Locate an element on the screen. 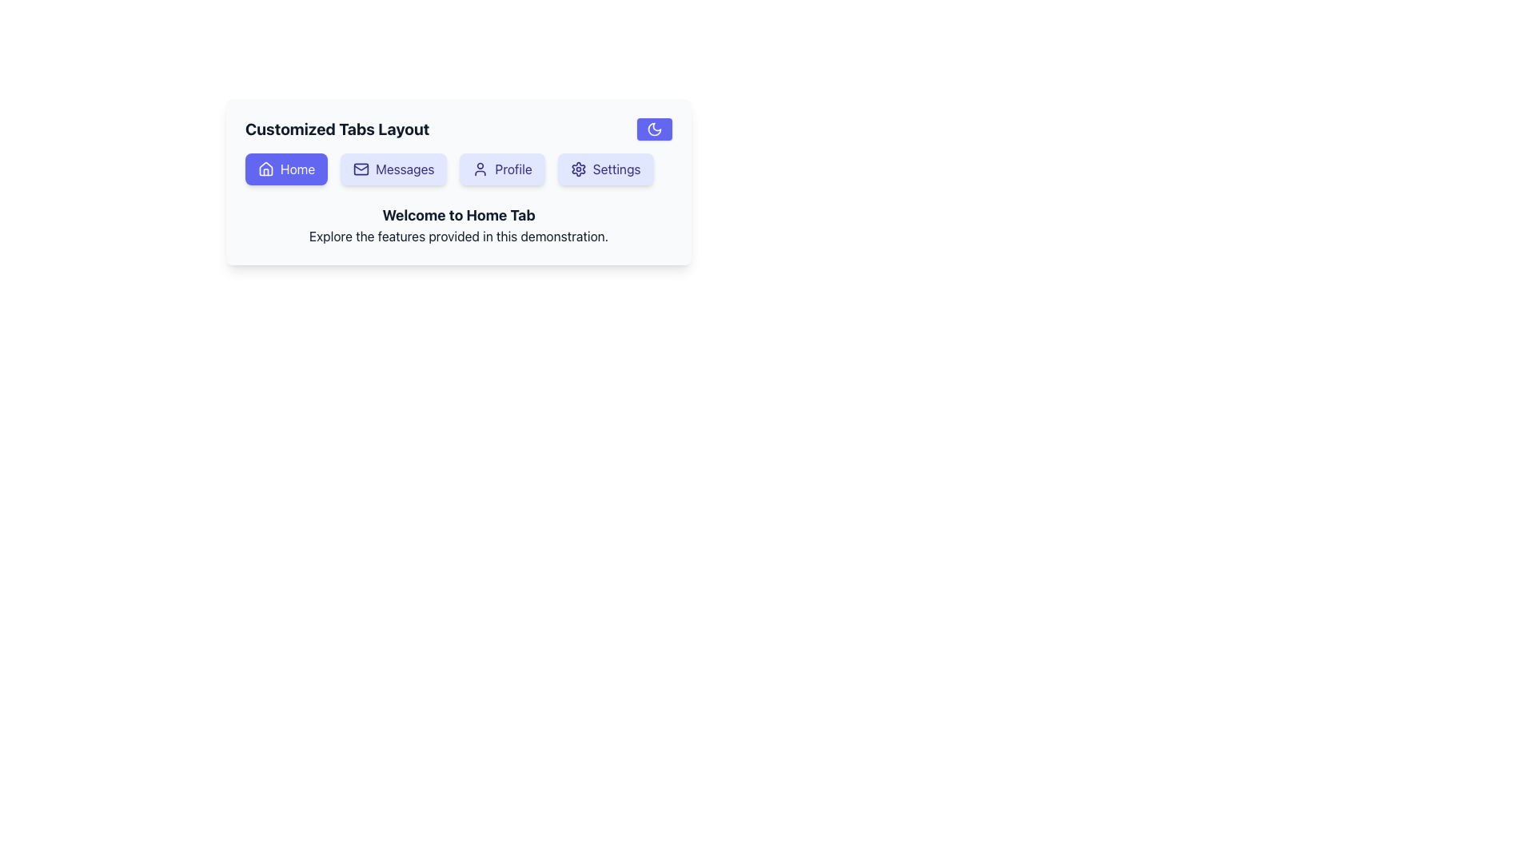 This screenshot has width=1535, height=863. the decorative graphical icon representing the 'Home' navigation button, which is located in the top horizontal navigation bar of the interface is located at coordinates (265, 169).